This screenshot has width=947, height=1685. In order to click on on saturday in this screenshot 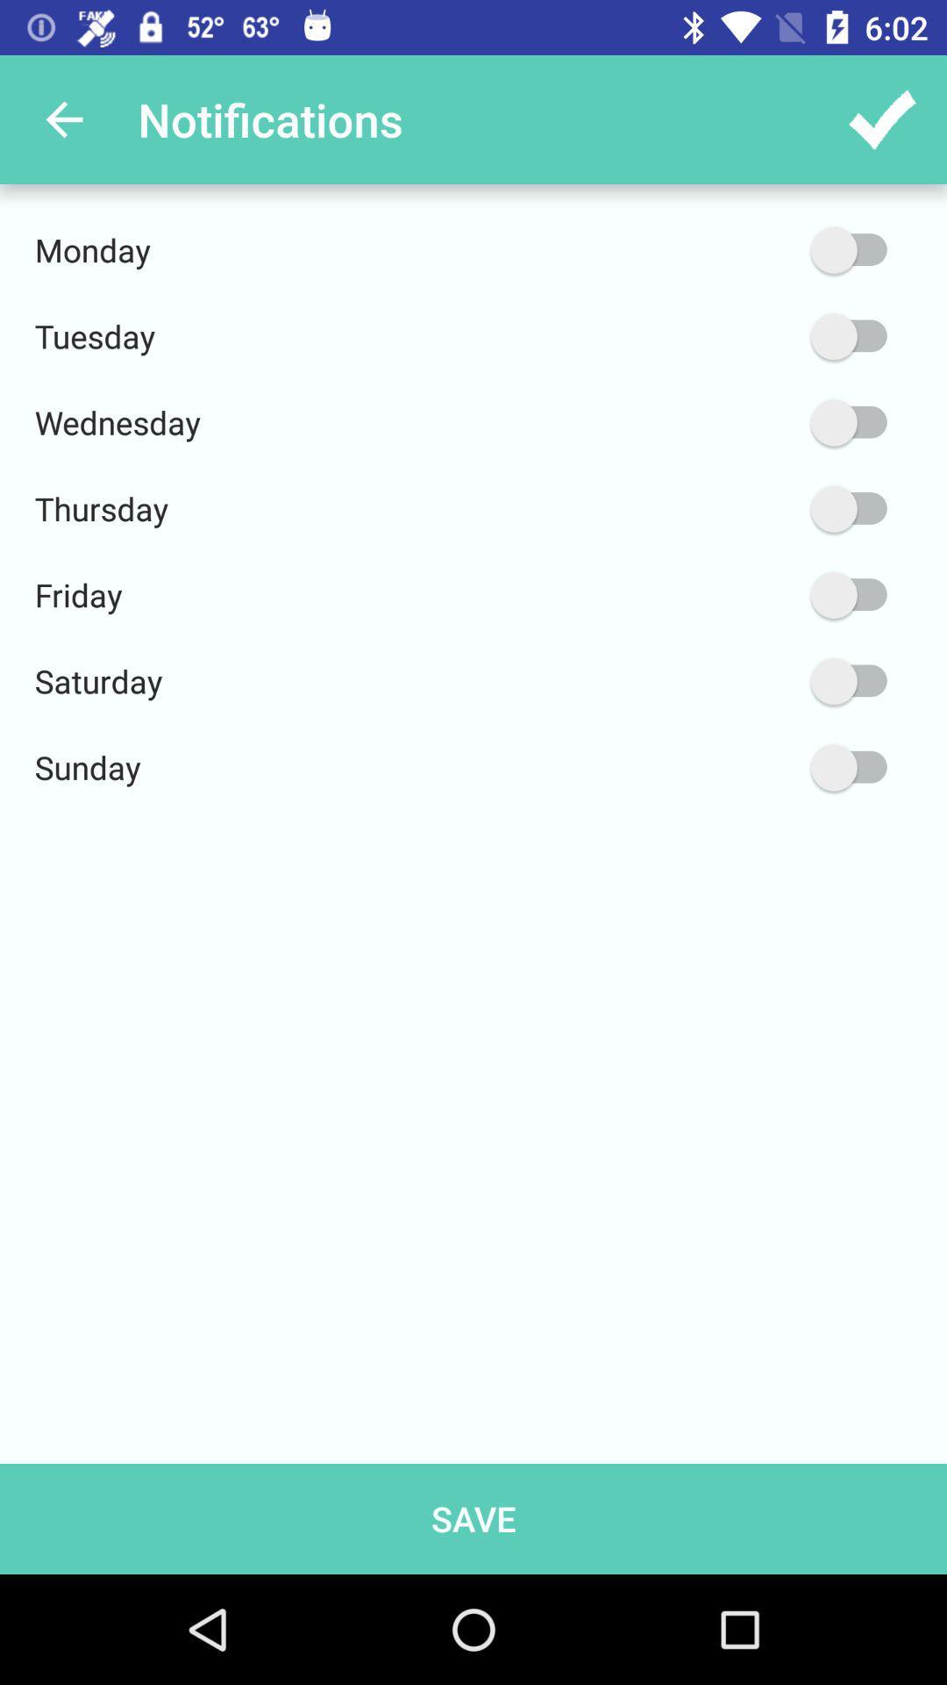, I will do `click(765, 680)`.